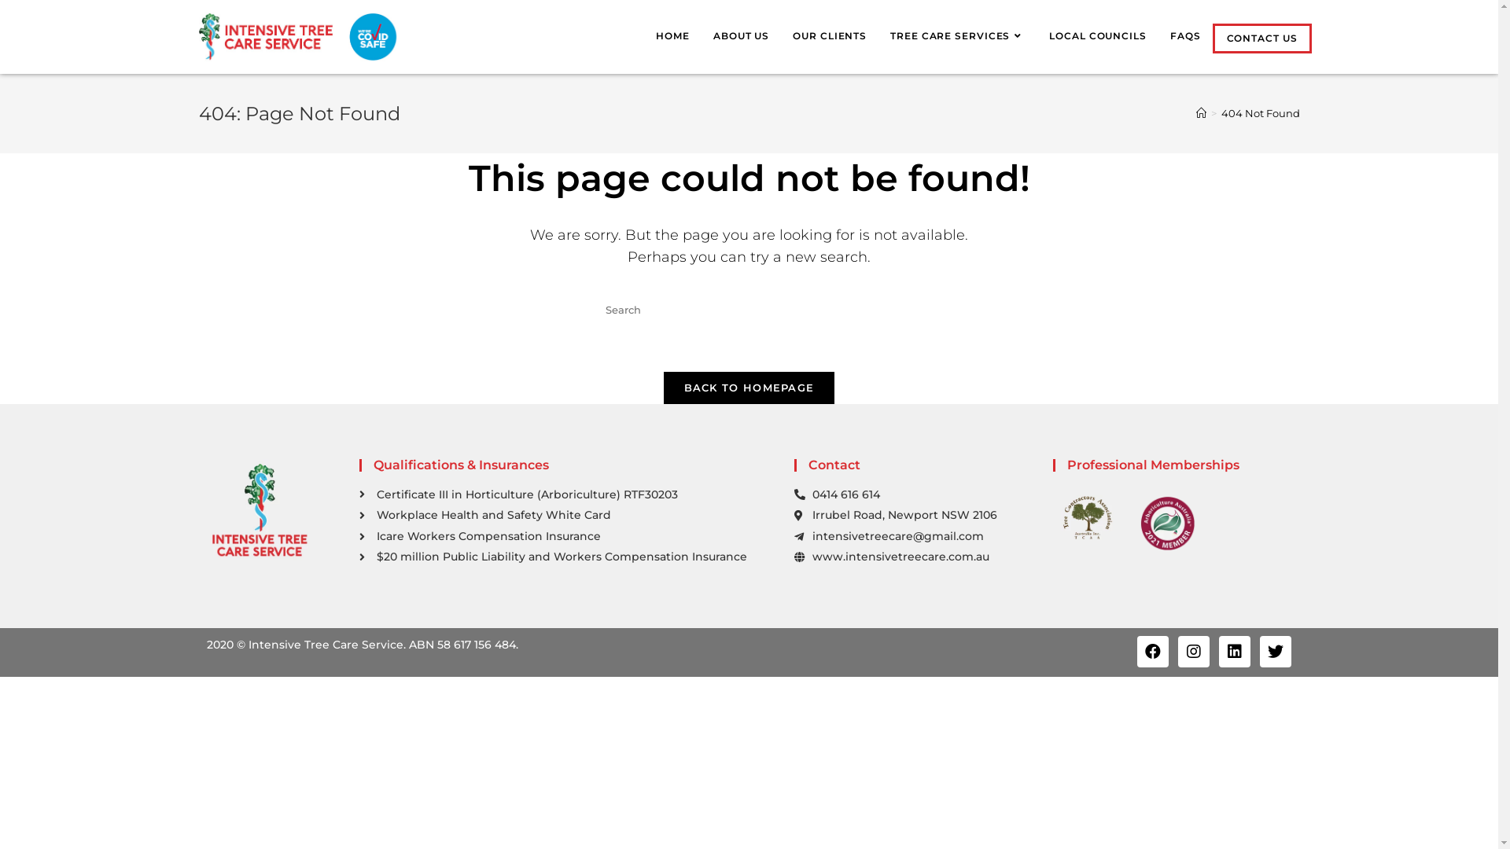 This screenshot has height=849, width=1510. What do you see at coordinates (672, 35) in the screenshot?
I see `'HOME'` at bounding box center [672, 35].